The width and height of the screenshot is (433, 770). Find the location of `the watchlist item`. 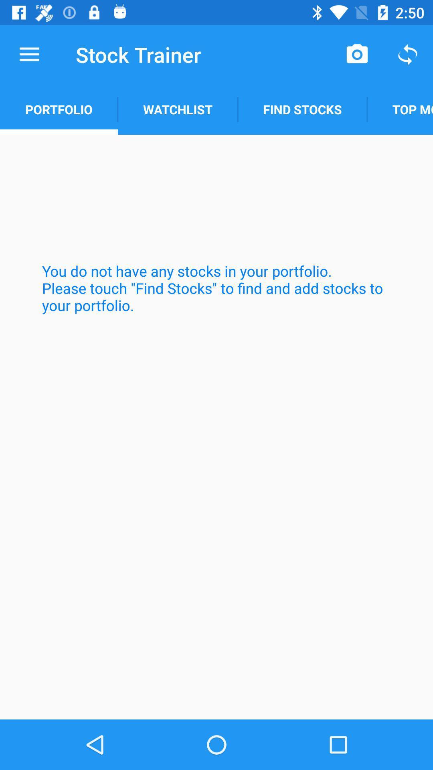

the watchlist item is located at coordinates (177, 109).